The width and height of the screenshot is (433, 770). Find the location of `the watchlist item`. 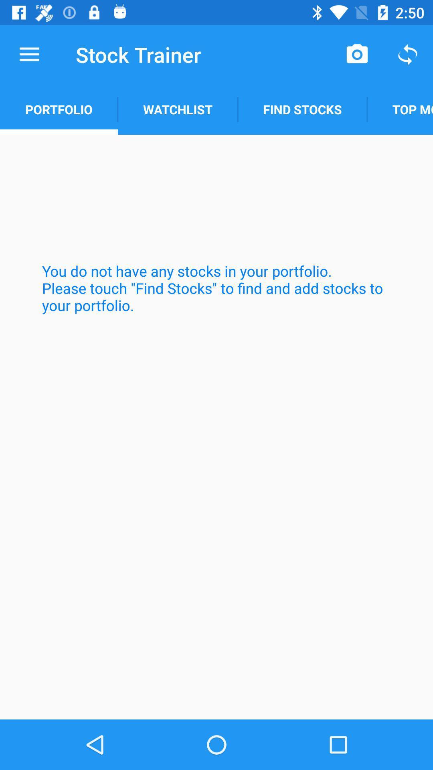

the watchlist item is located at coordinates (177, 109).